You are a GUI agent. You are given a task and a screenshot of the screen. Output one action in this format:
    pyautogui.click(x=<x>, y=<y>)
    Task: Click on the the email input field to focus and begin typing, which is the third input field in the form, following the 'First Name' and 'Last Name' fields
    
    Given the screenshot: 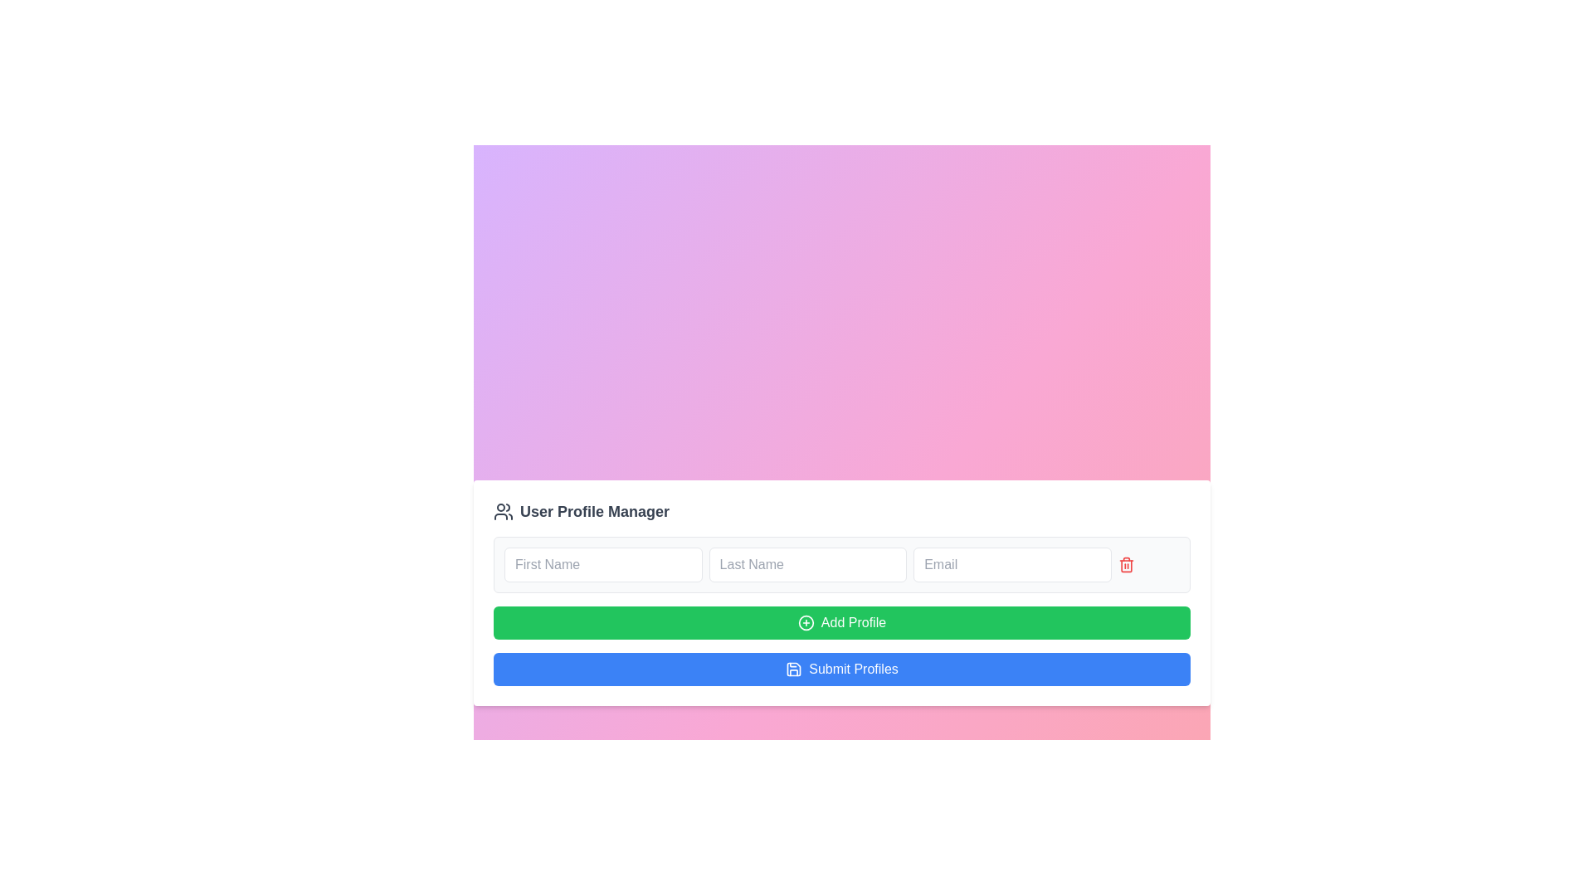 What is the action you would take?
    pyautogui.click(x=1011, y=564)
    